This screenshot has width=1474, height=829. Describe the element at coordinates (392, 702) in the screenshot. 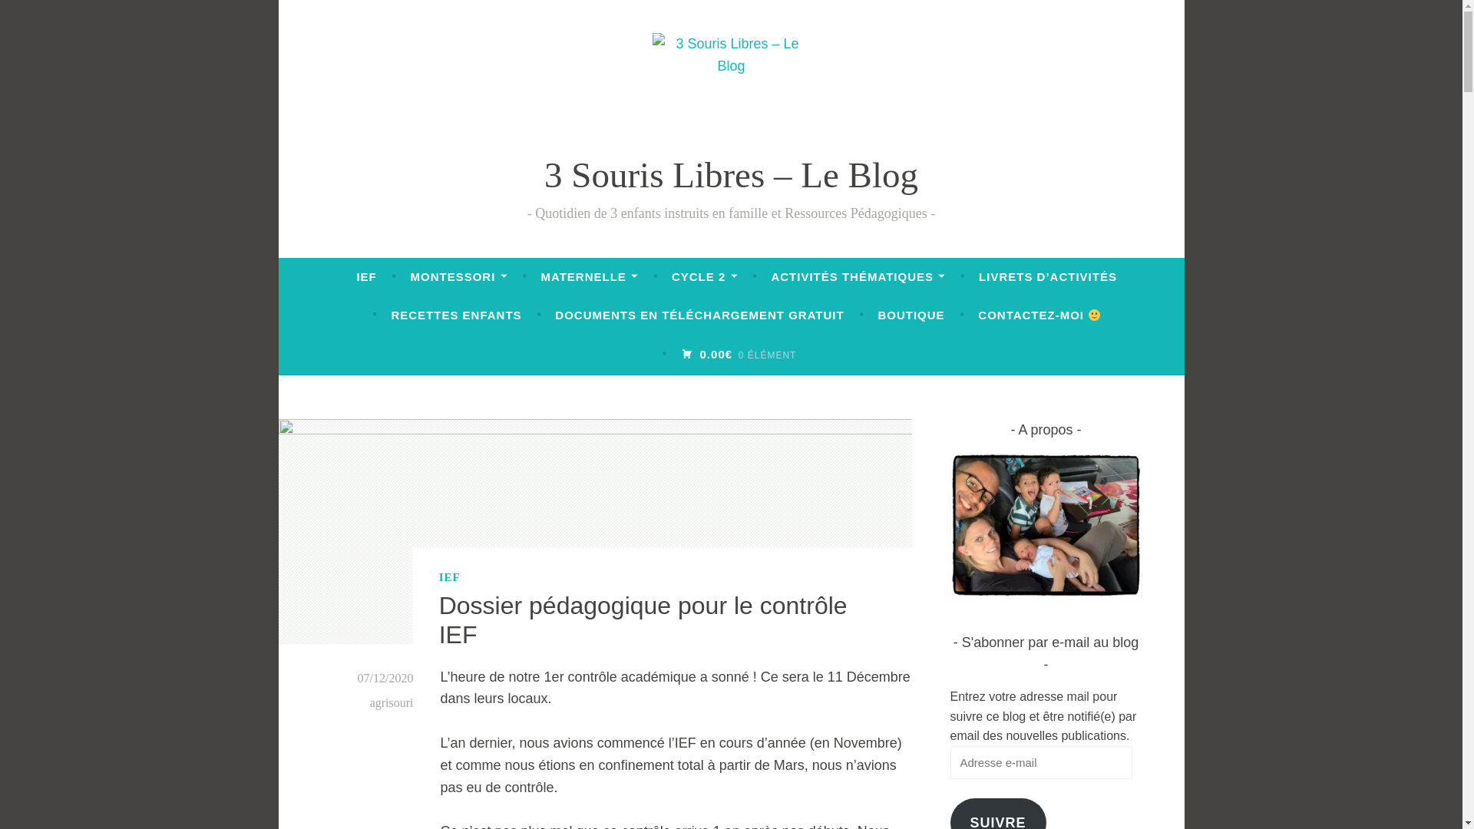

I see `'agrisouri'` at that location.